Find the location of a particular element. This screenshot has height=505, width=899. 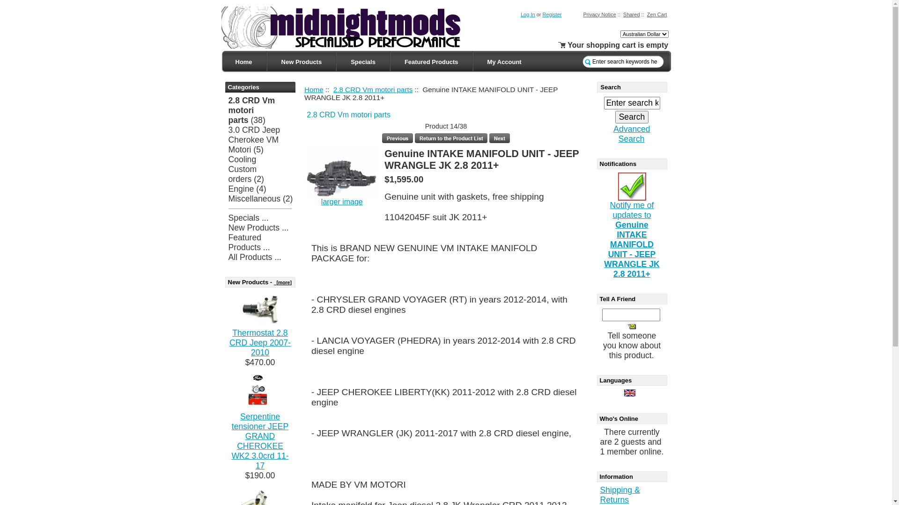

'Log In' is located at coordinates (528, 14).